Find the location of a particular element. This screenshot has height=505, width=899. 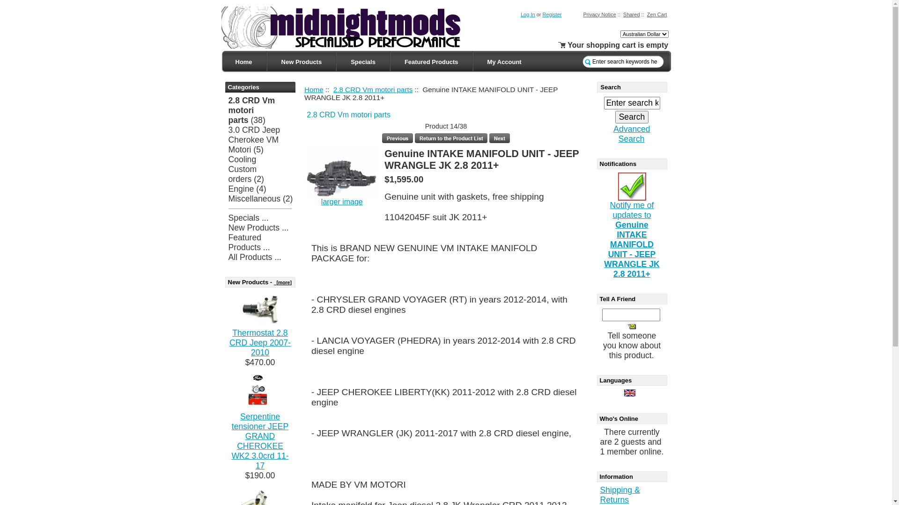

'Log In' is located at coordinates (528, 14).